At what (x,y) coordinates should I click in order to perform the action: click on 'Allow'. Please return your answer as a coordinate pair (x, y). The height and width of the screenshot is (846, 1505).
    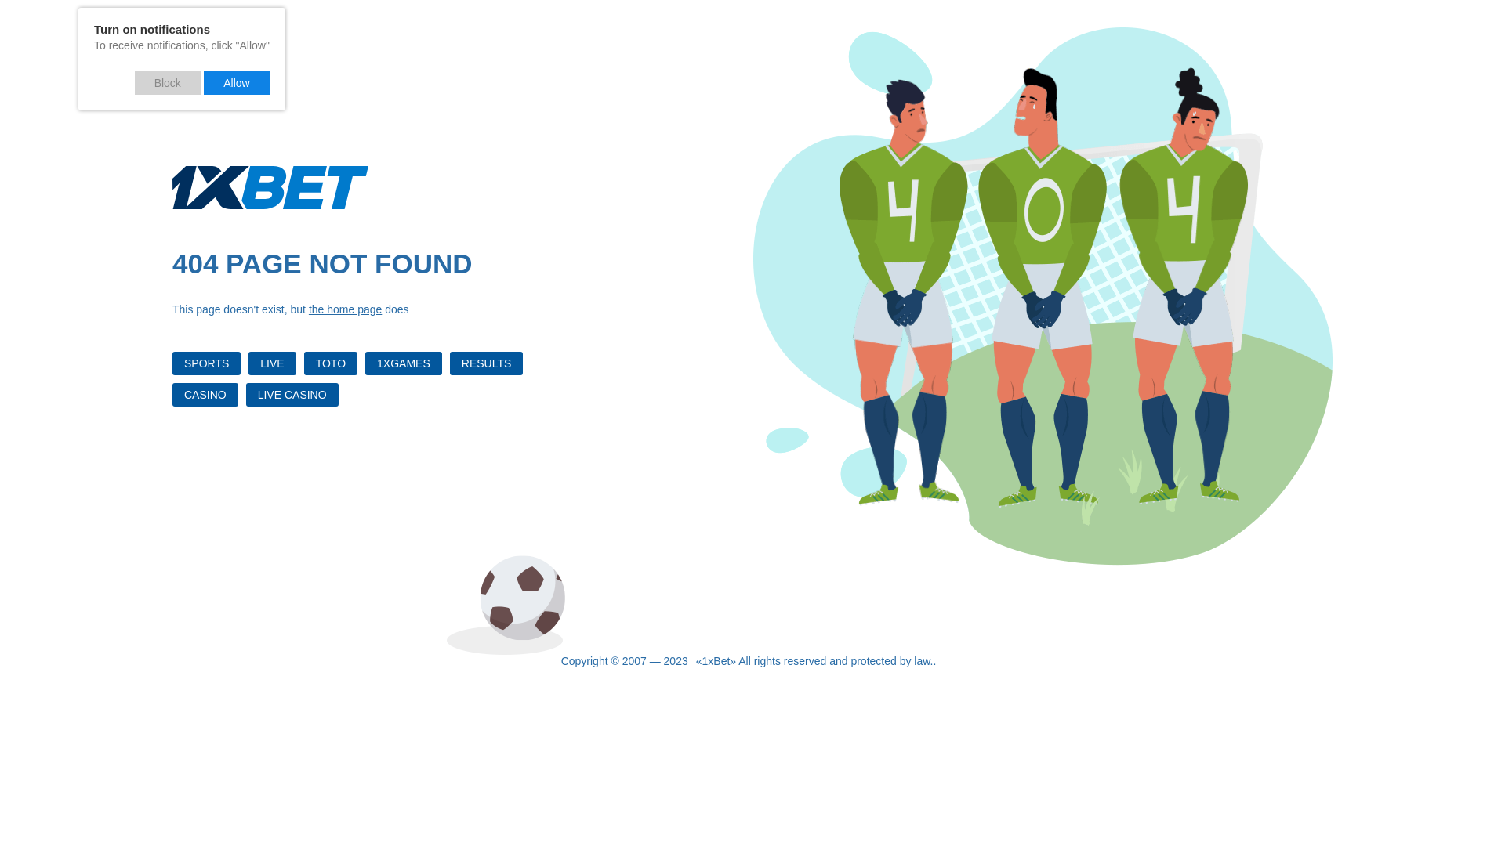
    Looking at the image, I should click on (236, 82).